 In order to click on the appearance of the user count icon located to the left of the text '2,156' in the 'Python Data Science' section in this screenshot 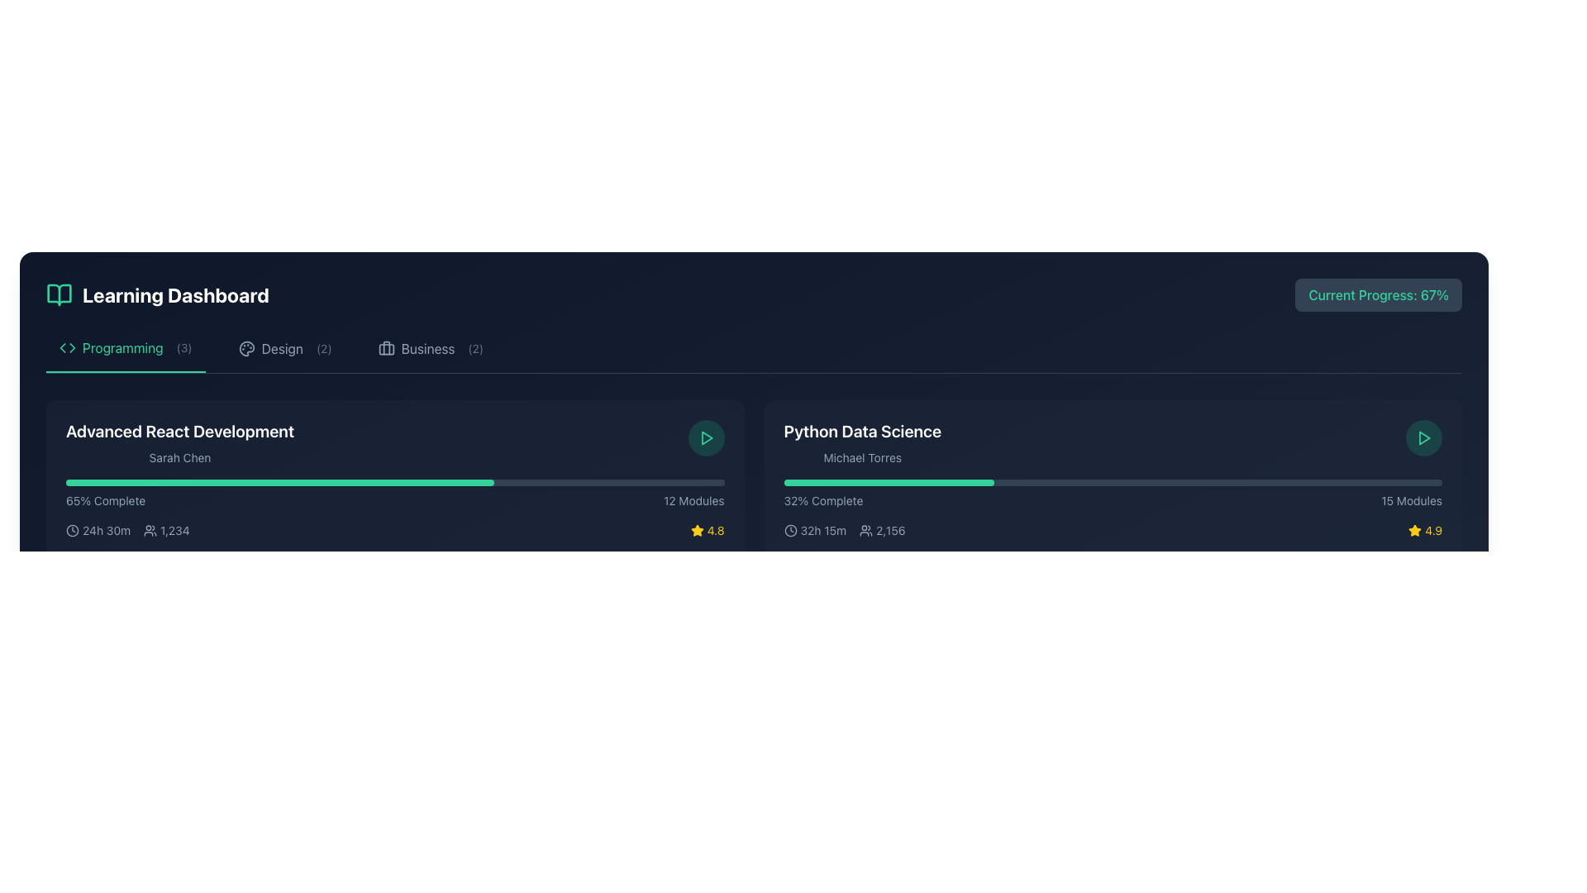, I will do `click(865, 530)`.